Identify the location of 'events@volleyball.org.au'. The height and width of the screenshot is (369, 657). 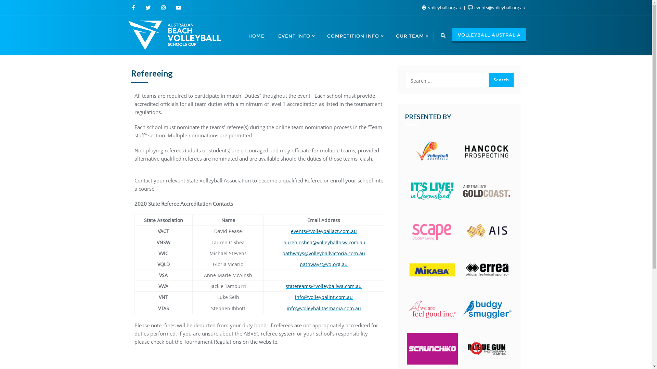
(497, 8).